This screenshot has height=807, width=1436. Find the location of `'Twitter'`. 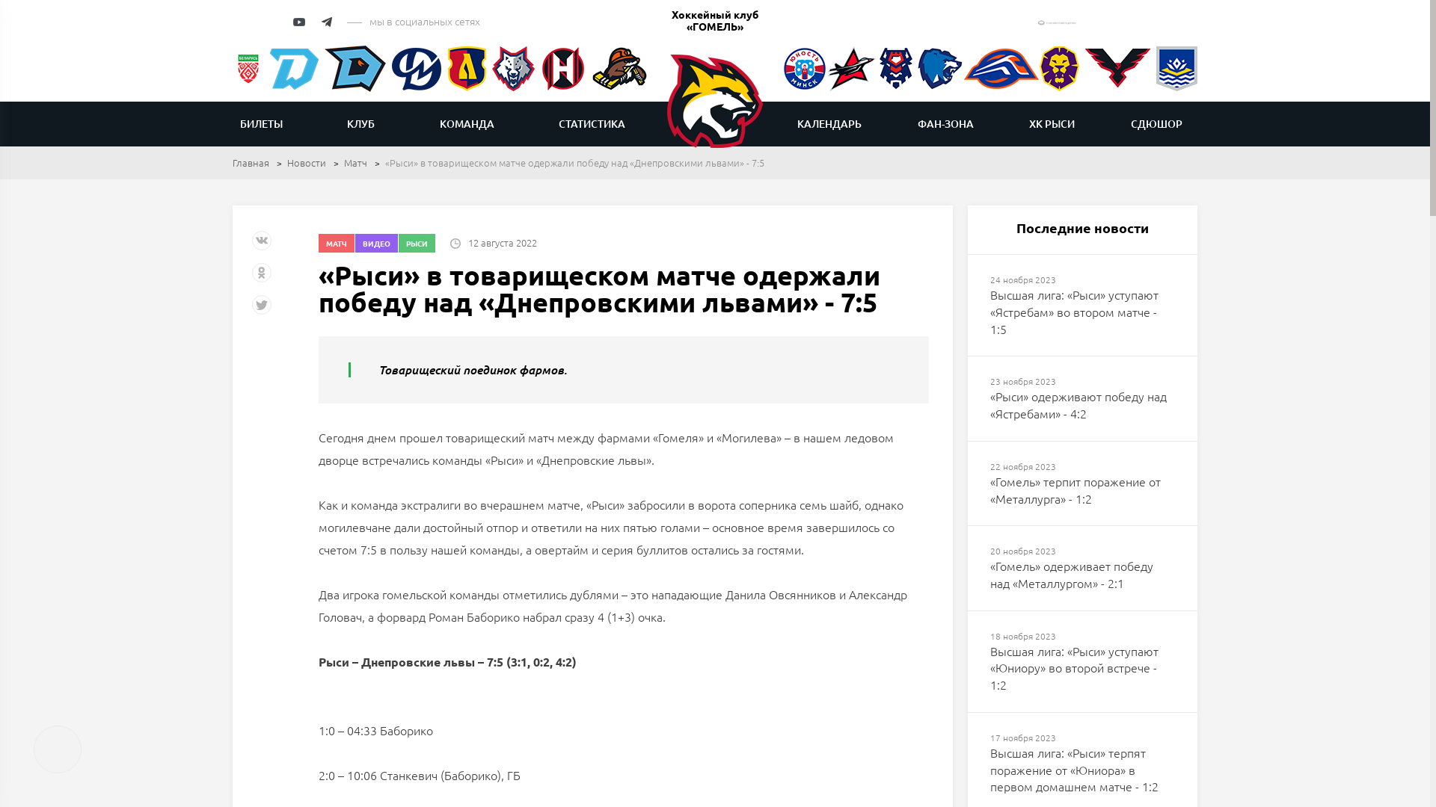

'Twitter' is located at coordinates (263, 309).